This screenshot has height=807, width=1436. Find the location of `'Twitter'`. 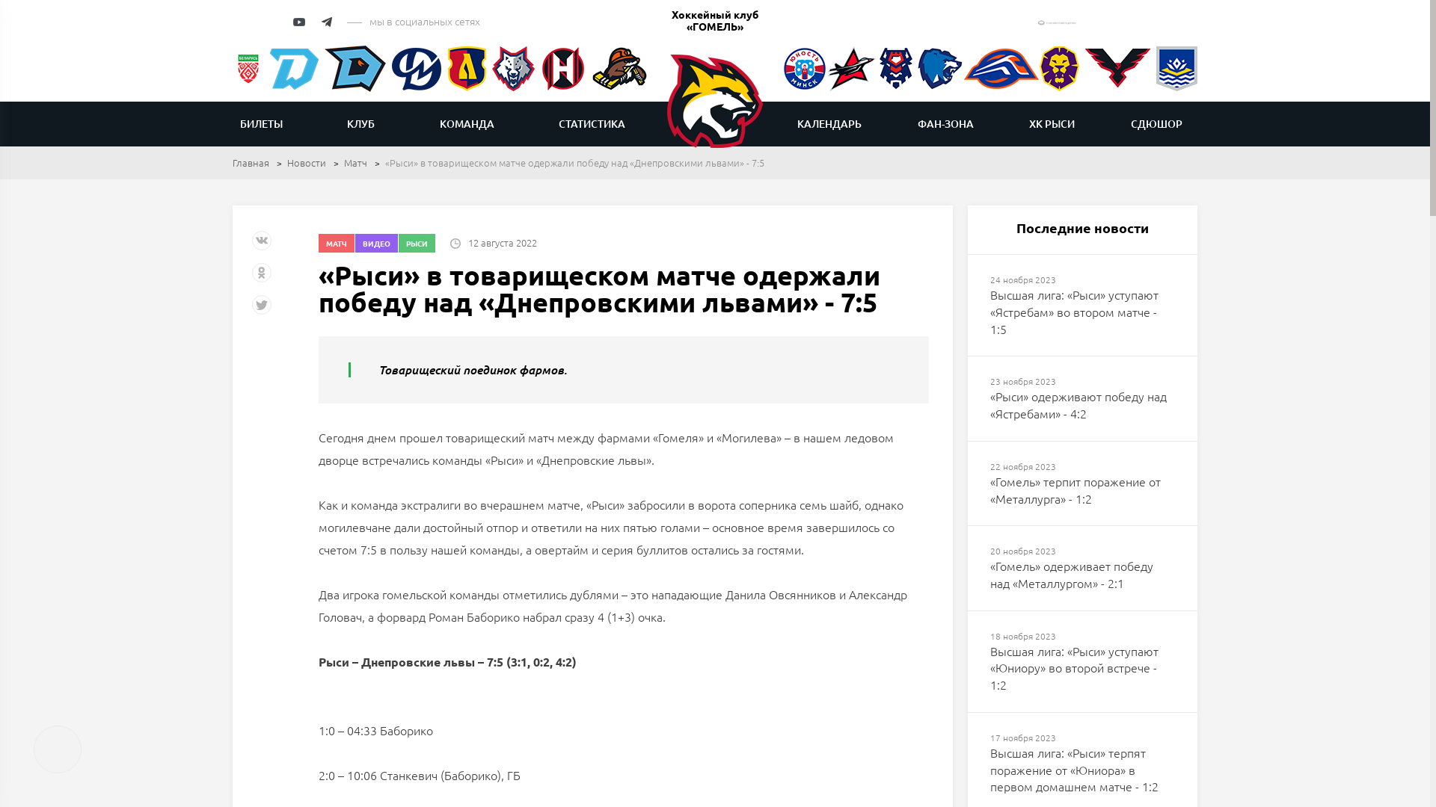

'Twitter' is located at coordinates (263, 309).